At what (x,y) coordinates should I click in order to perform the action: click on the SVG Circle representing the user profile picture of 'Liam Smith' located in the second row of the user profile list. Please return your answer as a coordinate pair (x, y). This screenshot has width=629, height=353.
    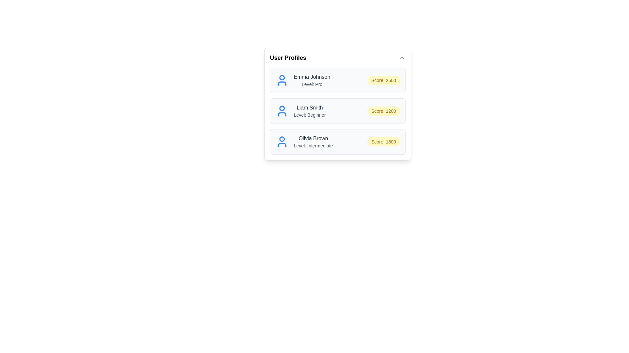
    Looking at the image, I should click on (282, 108).